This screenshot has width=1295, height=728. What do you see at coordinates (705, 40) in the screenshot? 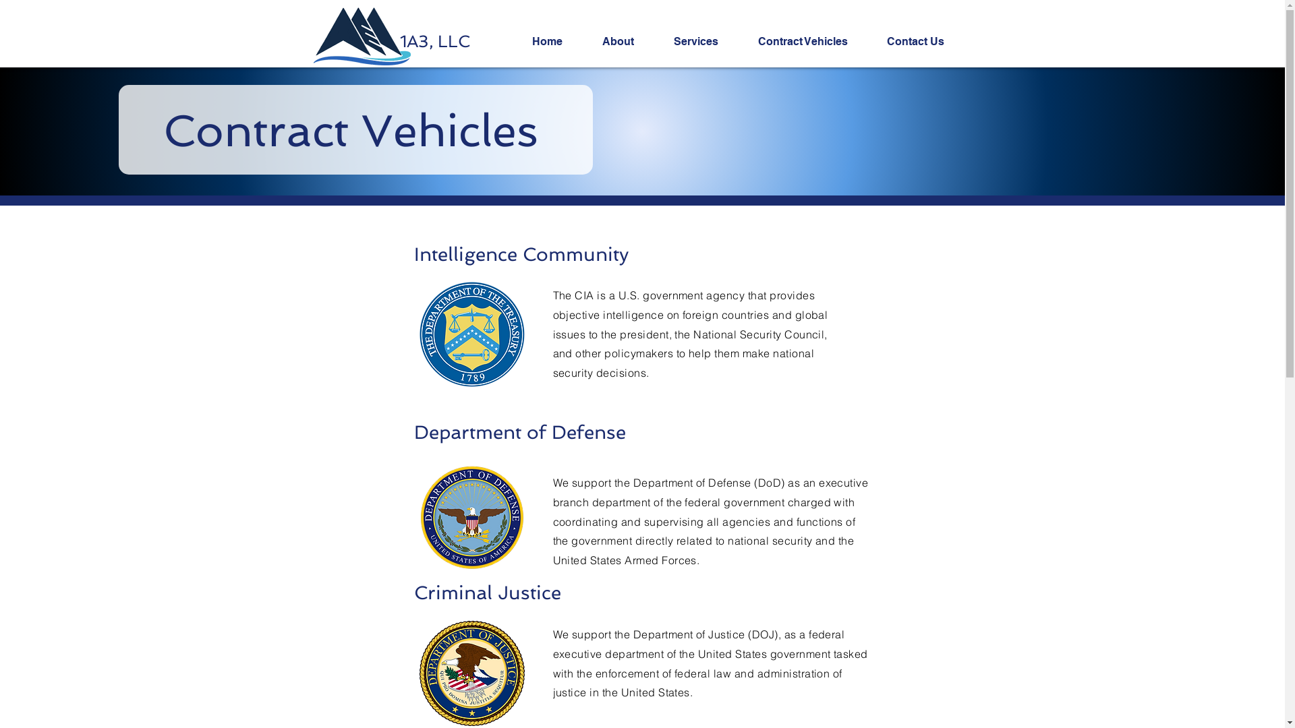
I see `'Services'` at bounding box center [705, 40].